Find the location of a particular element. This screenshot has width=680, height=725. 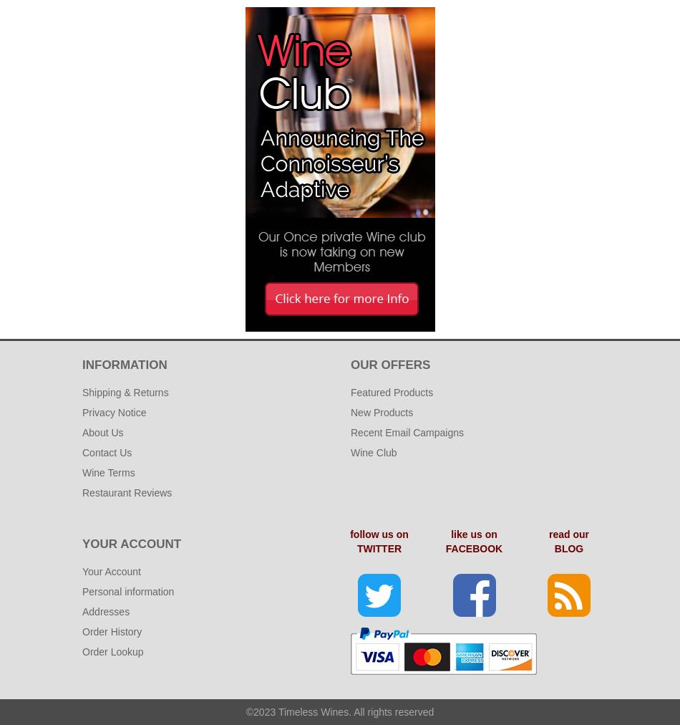

'like us on' is located at coordinates (473, 534).